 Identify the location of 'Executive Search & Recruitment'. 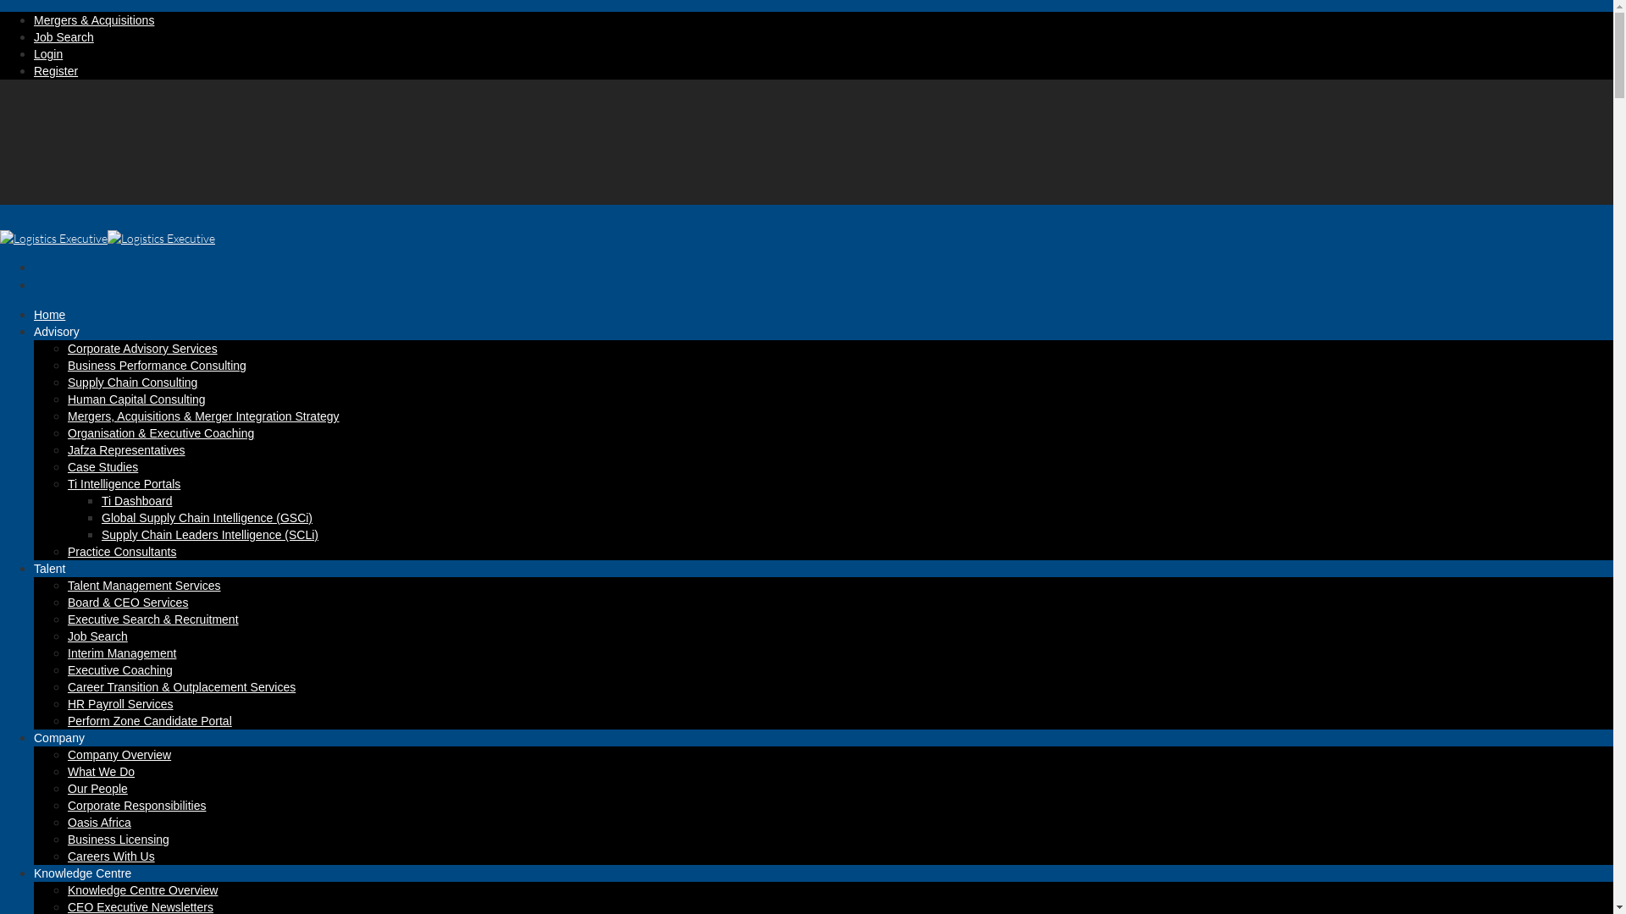
(153, 619).